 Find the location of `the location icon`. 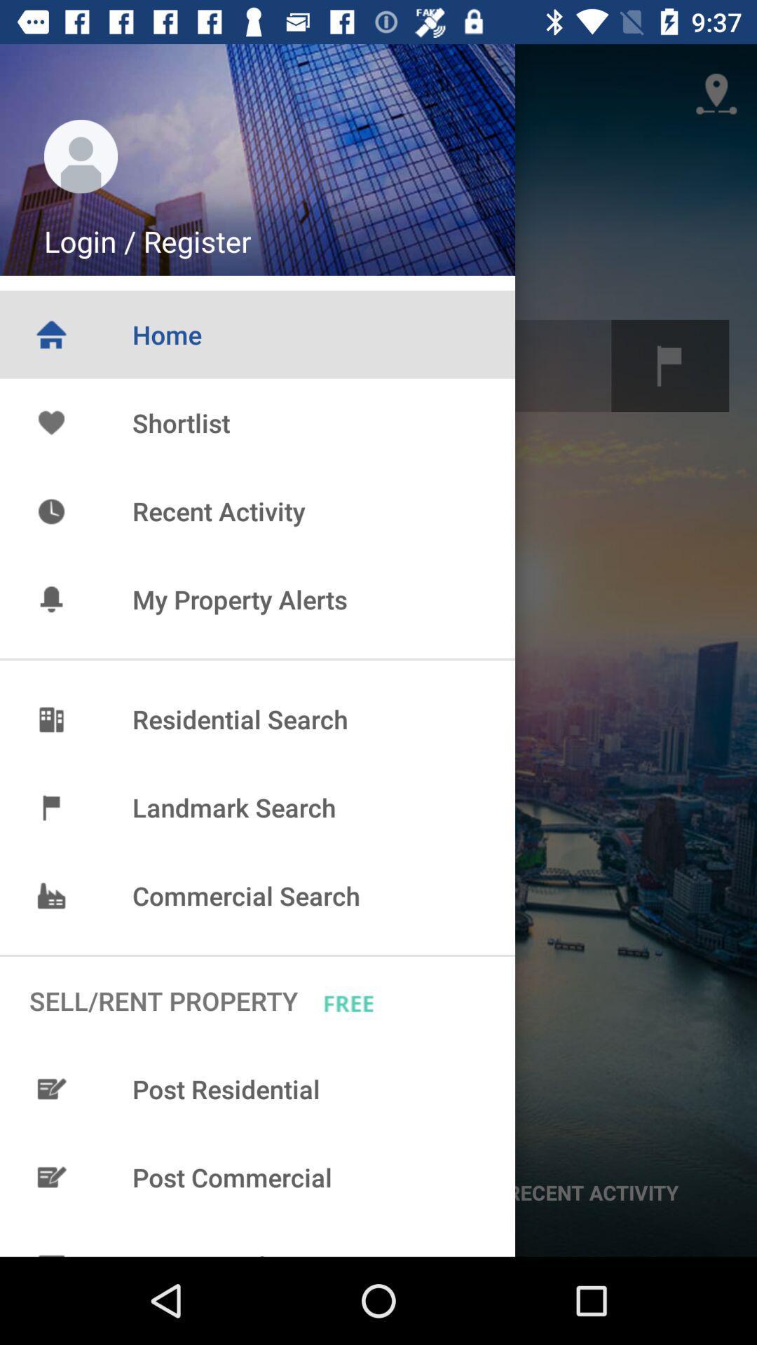

the location icon is located at coordinates (716, 93).